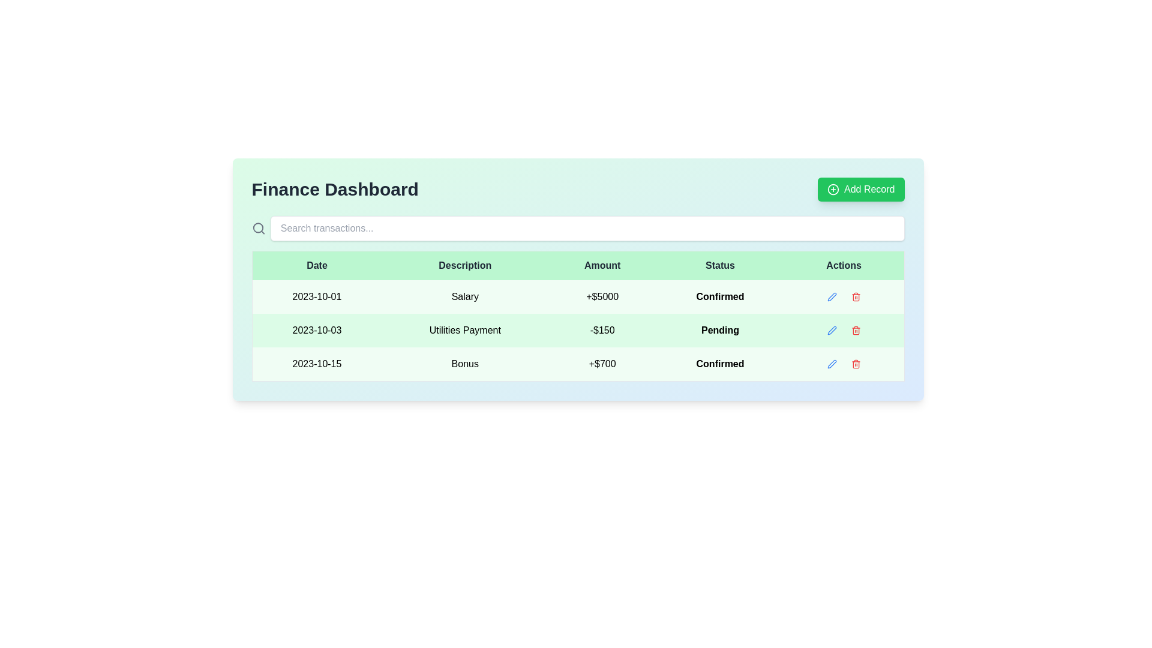 The image size is (1152, 648). What do you see at coordinates (602, 364) in the screenshot?
I see `the text element displaying '+$700' located in the 'Amount' column of the '2023-10-15' row in the transaction table` at bounding box center [602, 364].